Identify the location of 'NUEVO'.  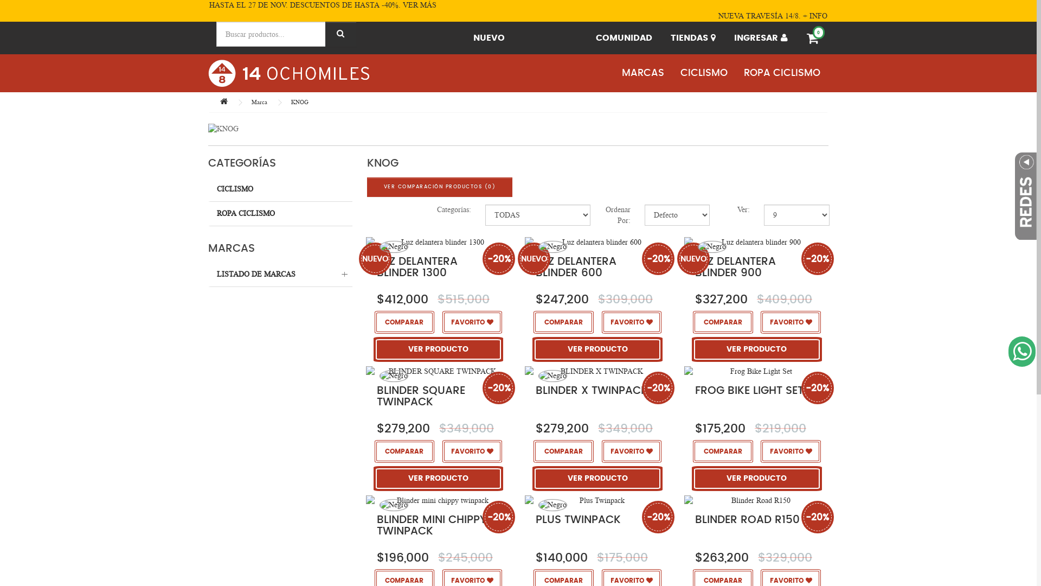
(465, 37).